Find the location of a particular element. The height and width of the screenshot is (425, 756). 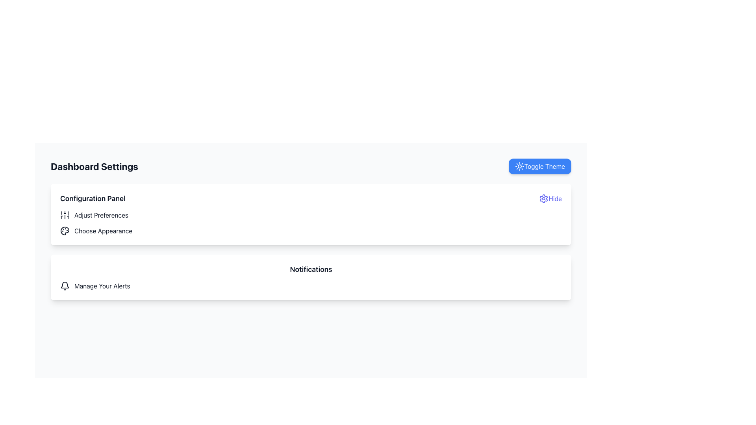

the settings icon located to the left of the 'Hide' text in the button-like component at the top-right section of the interface is located at coordinates (543, 198).